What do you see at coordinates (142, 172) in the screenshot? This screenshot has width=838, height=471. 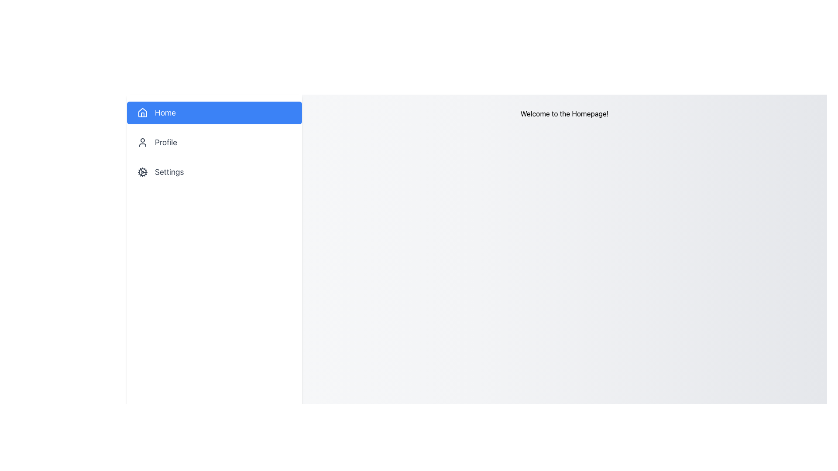 I see `the 'Settings' icon located in the sidebar on the left, positioned below the 'Profile' menu item` at bounding box center [142, 172].